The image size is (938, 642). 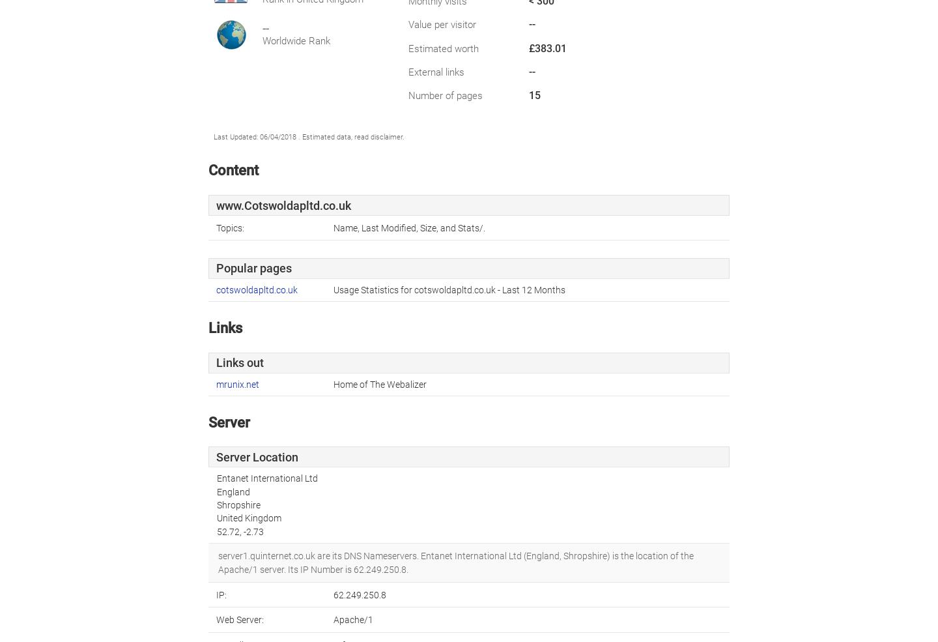 I want to click on 'Name, Last Modified, Size, and Stats/.', so click(x=408, y=227).